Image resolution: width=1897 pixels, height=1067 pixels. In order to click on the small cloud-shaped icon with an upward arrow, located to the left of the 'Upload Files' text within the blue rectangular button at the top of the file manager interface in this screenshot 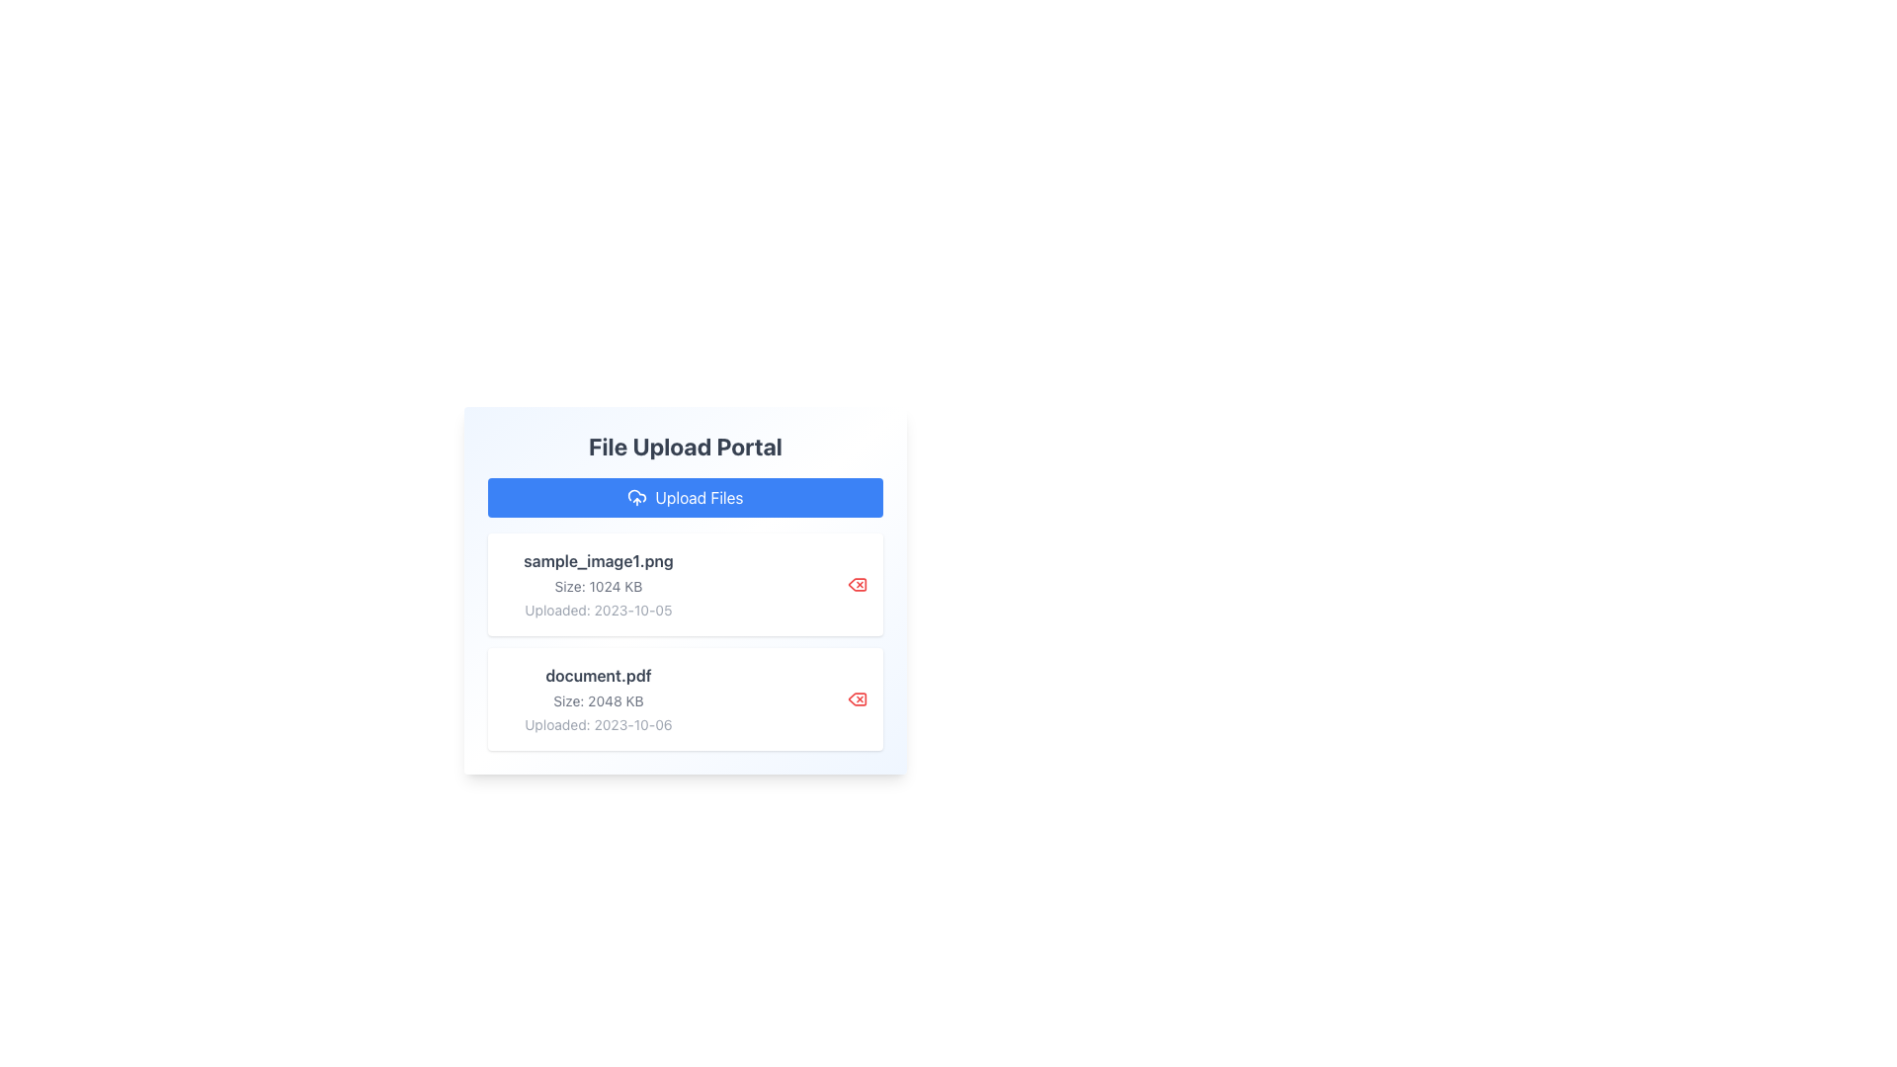, I will do `click(637, 497)`.